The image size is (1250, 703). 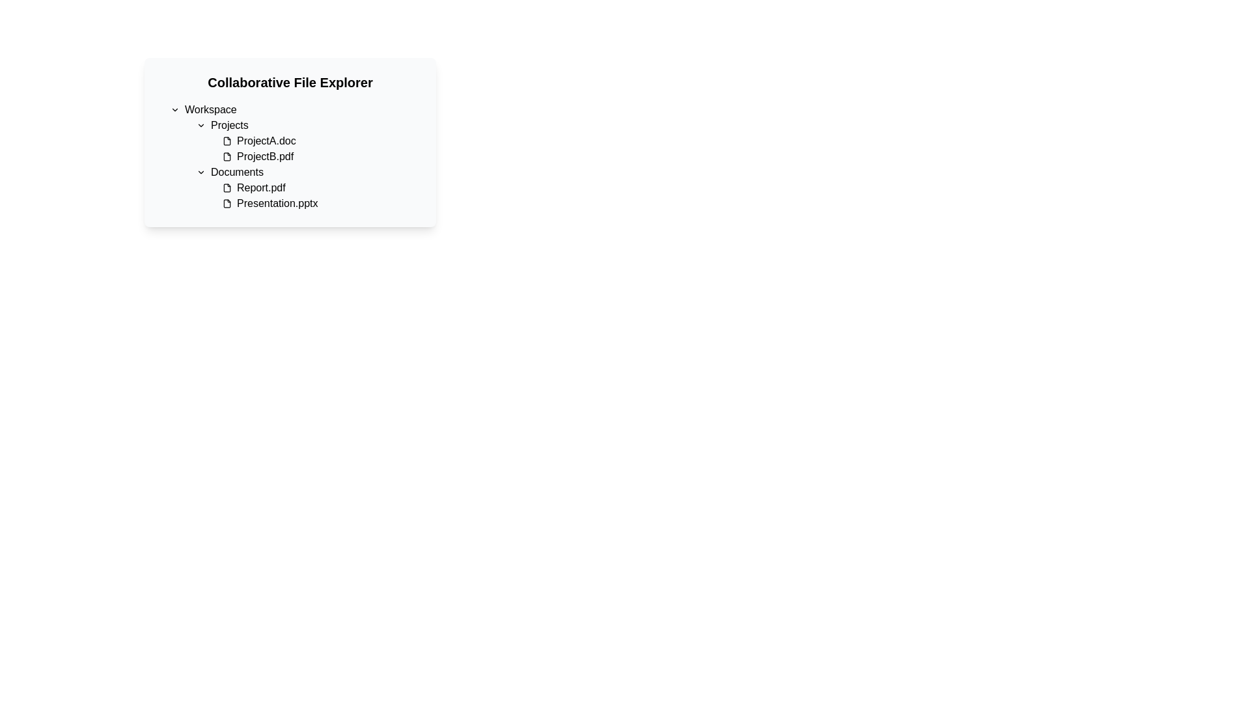 I want to click on the chevron icon next to the 'Documents' label, so click(x=237, y=172).